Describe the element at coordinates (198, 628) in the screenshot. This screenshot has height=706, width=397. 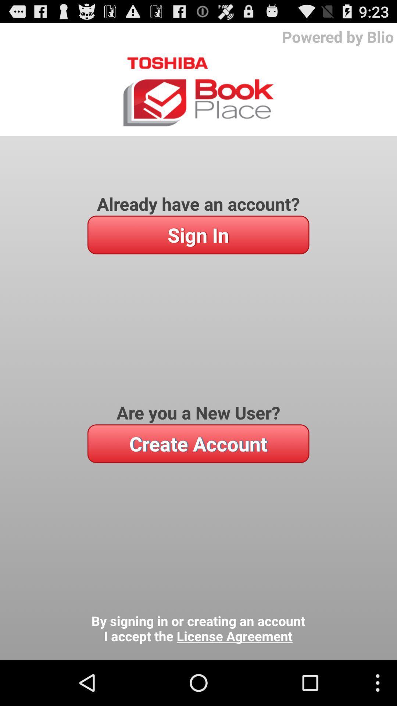
I see `the by signing in at the bottom` at that location.